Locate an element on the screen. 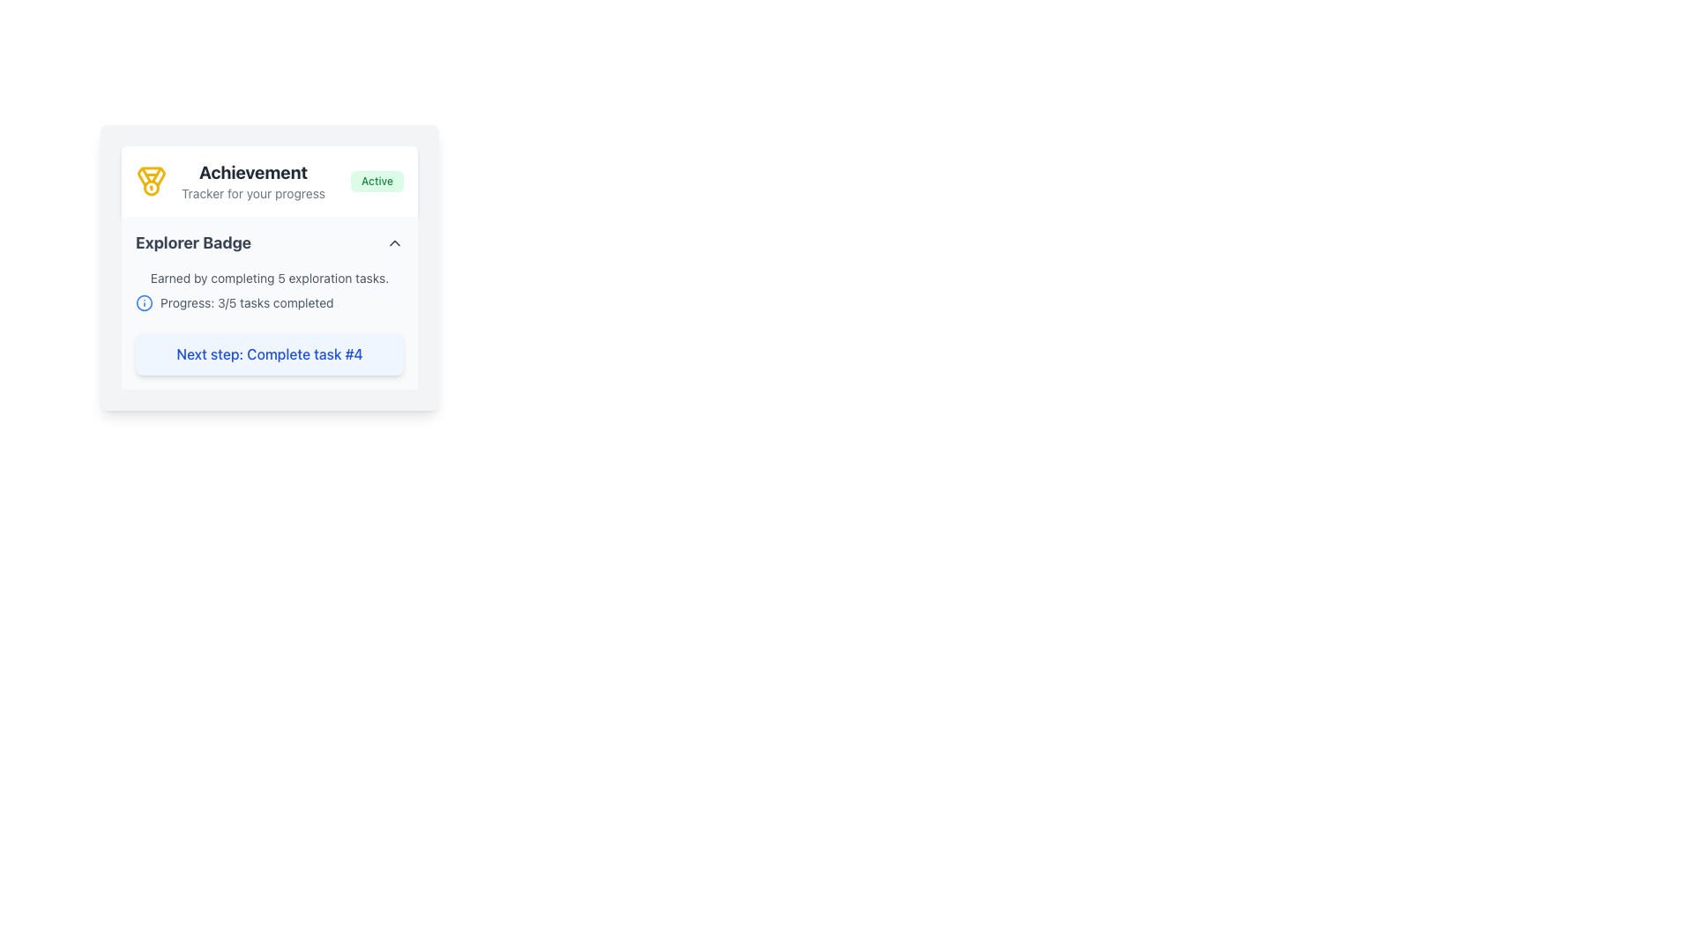 This screenshot has width=1693, height=952. the circular decorative graphic element in the SVG icon, which is part of the progress tracker card located to the left of the 'Progress: 3/5 tasks completed' text is located at coordinates (144, 301).